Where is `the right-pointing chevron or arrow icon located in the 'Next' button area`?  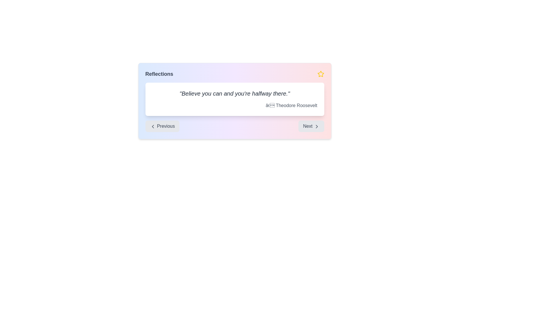 the right-pointing chevron or arrow icon located in the 'Next' button area is located at coordinates (316, 126).